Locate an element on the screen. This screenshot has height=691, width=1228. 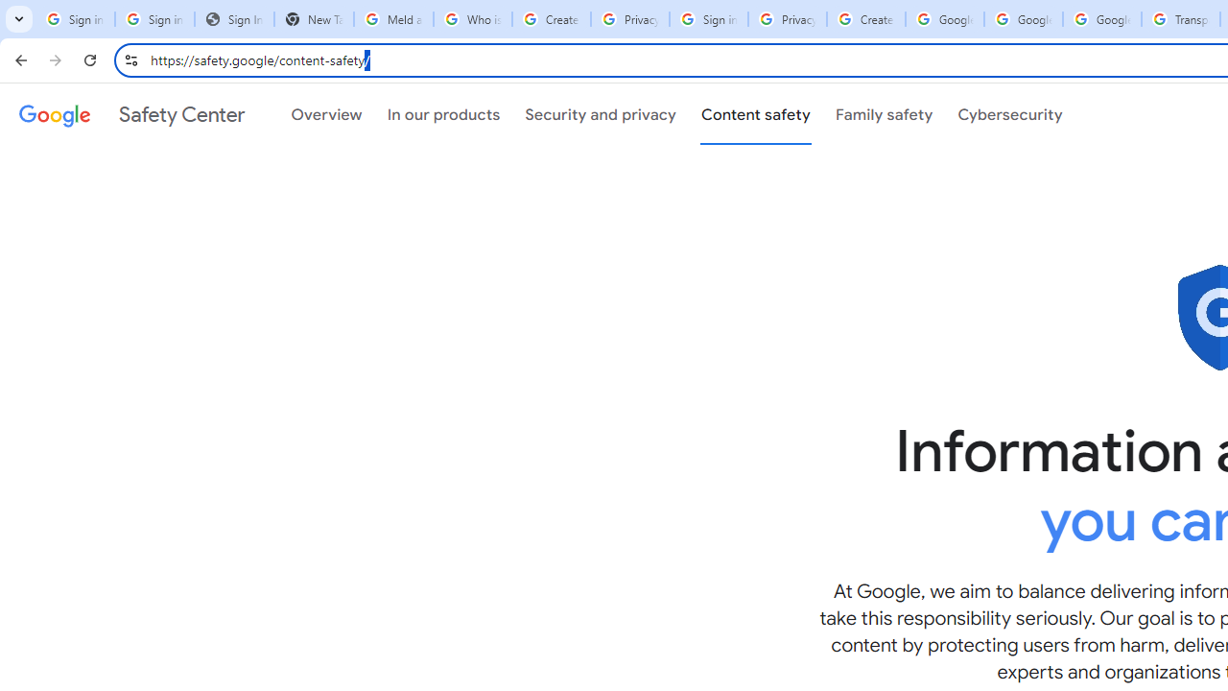
'In our products' is located at coordinates (442, 114).